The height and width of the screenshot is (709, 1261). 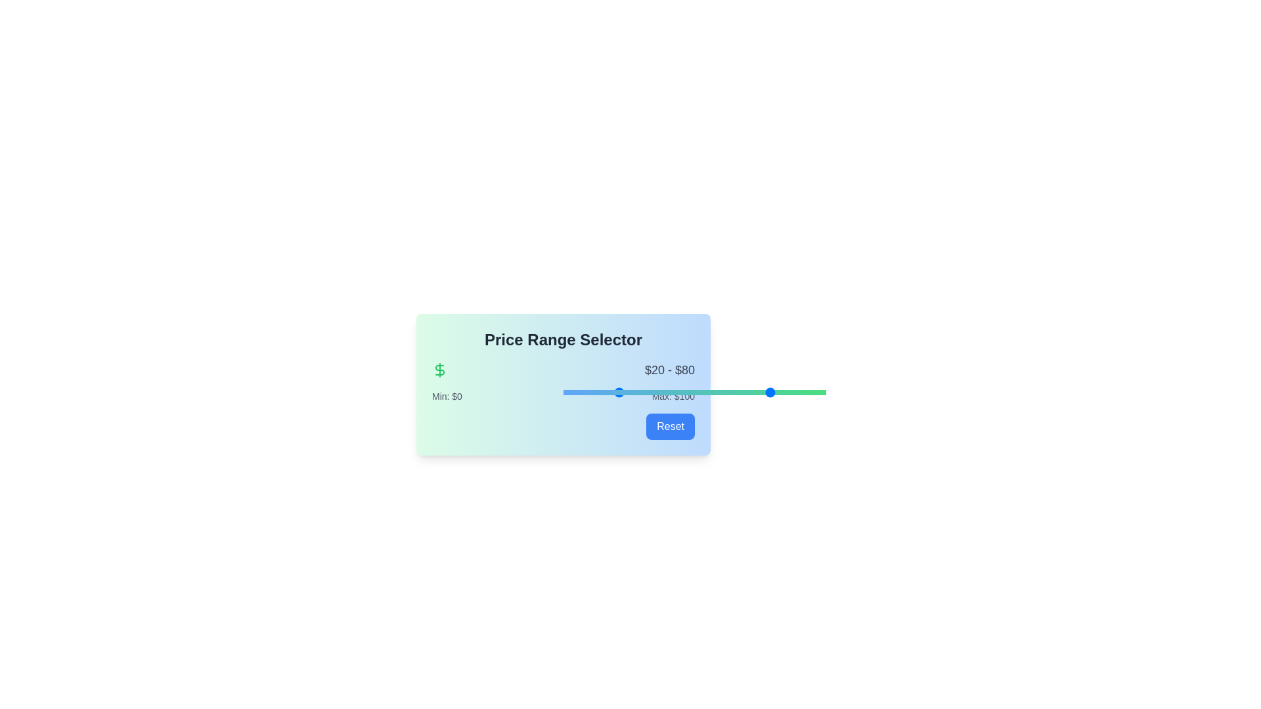 I want to click on the slider, so click(x=571, y=391).